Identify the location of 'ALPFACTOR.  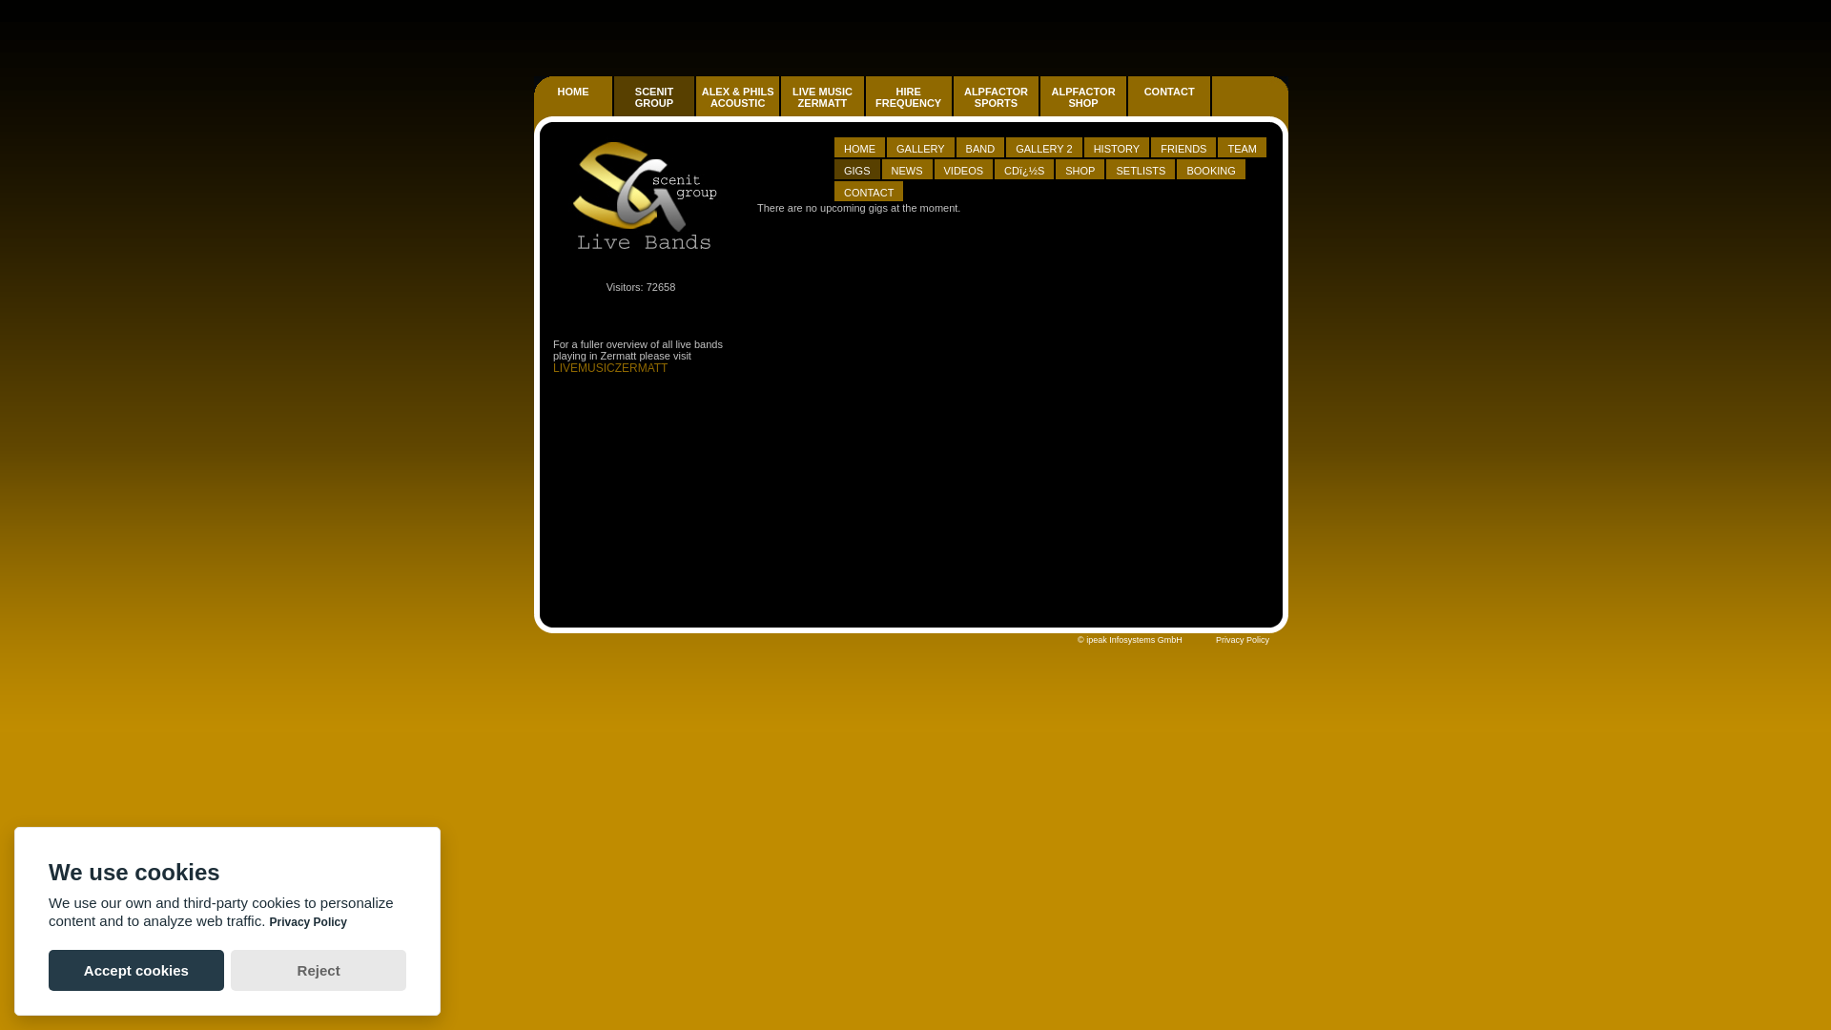
(953, 106).